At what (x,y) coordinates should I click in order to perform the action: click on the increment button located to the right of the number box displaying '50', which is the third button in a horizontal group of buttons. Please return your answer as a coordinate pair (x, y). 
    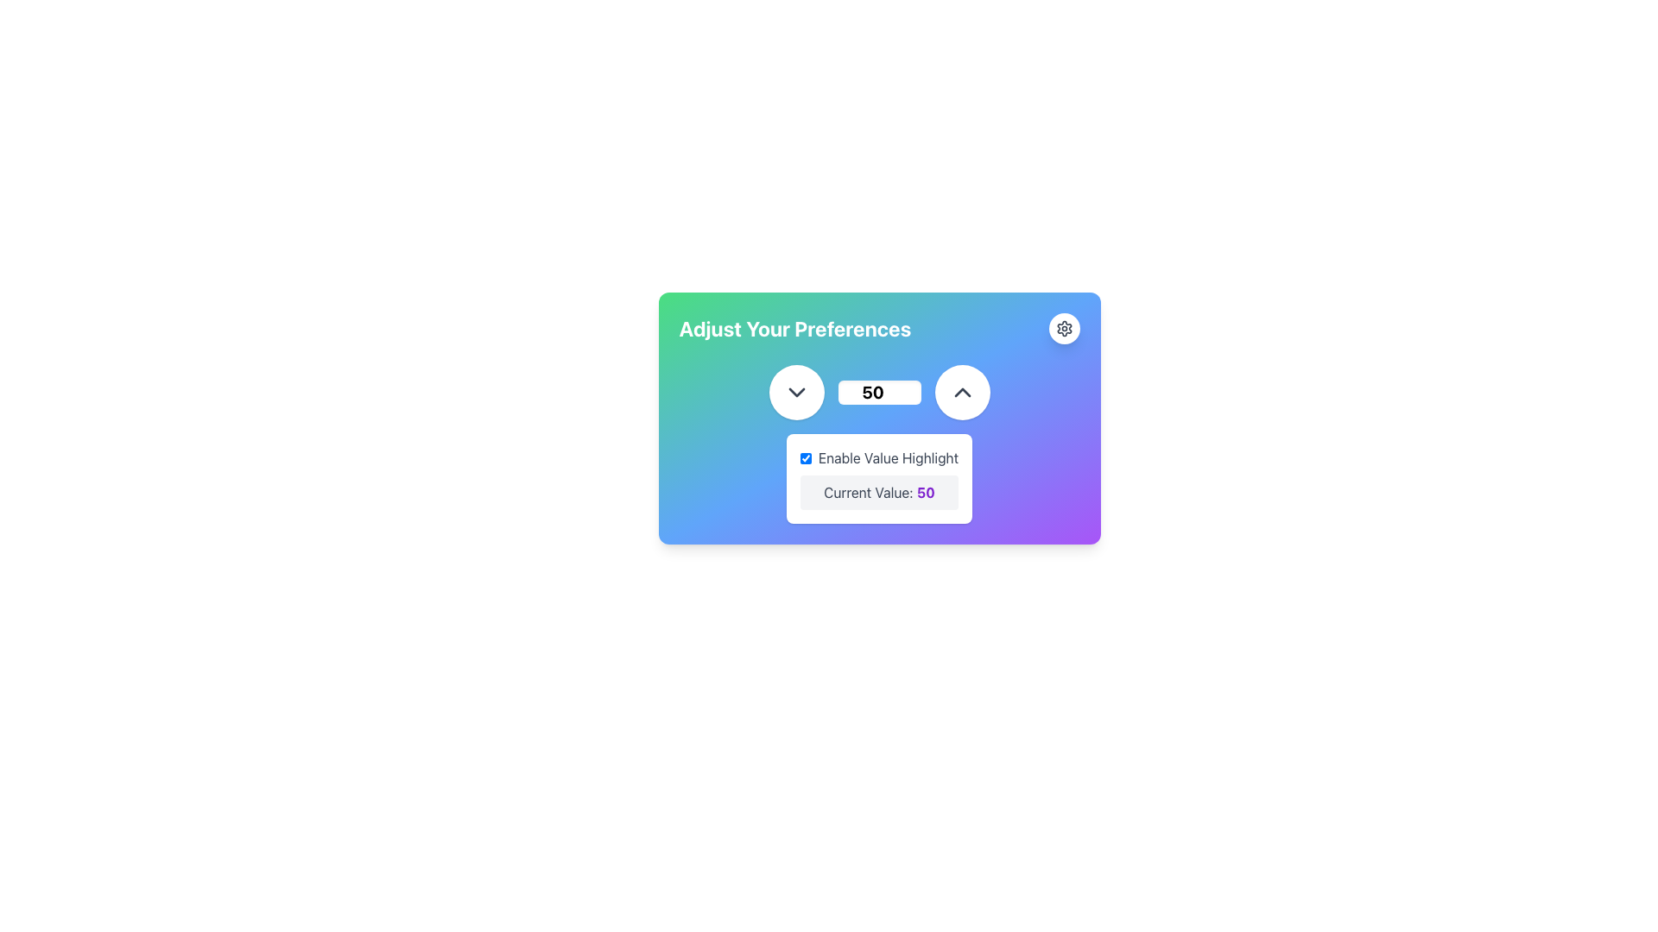
    Looking at the image, I should click on (961, 393).